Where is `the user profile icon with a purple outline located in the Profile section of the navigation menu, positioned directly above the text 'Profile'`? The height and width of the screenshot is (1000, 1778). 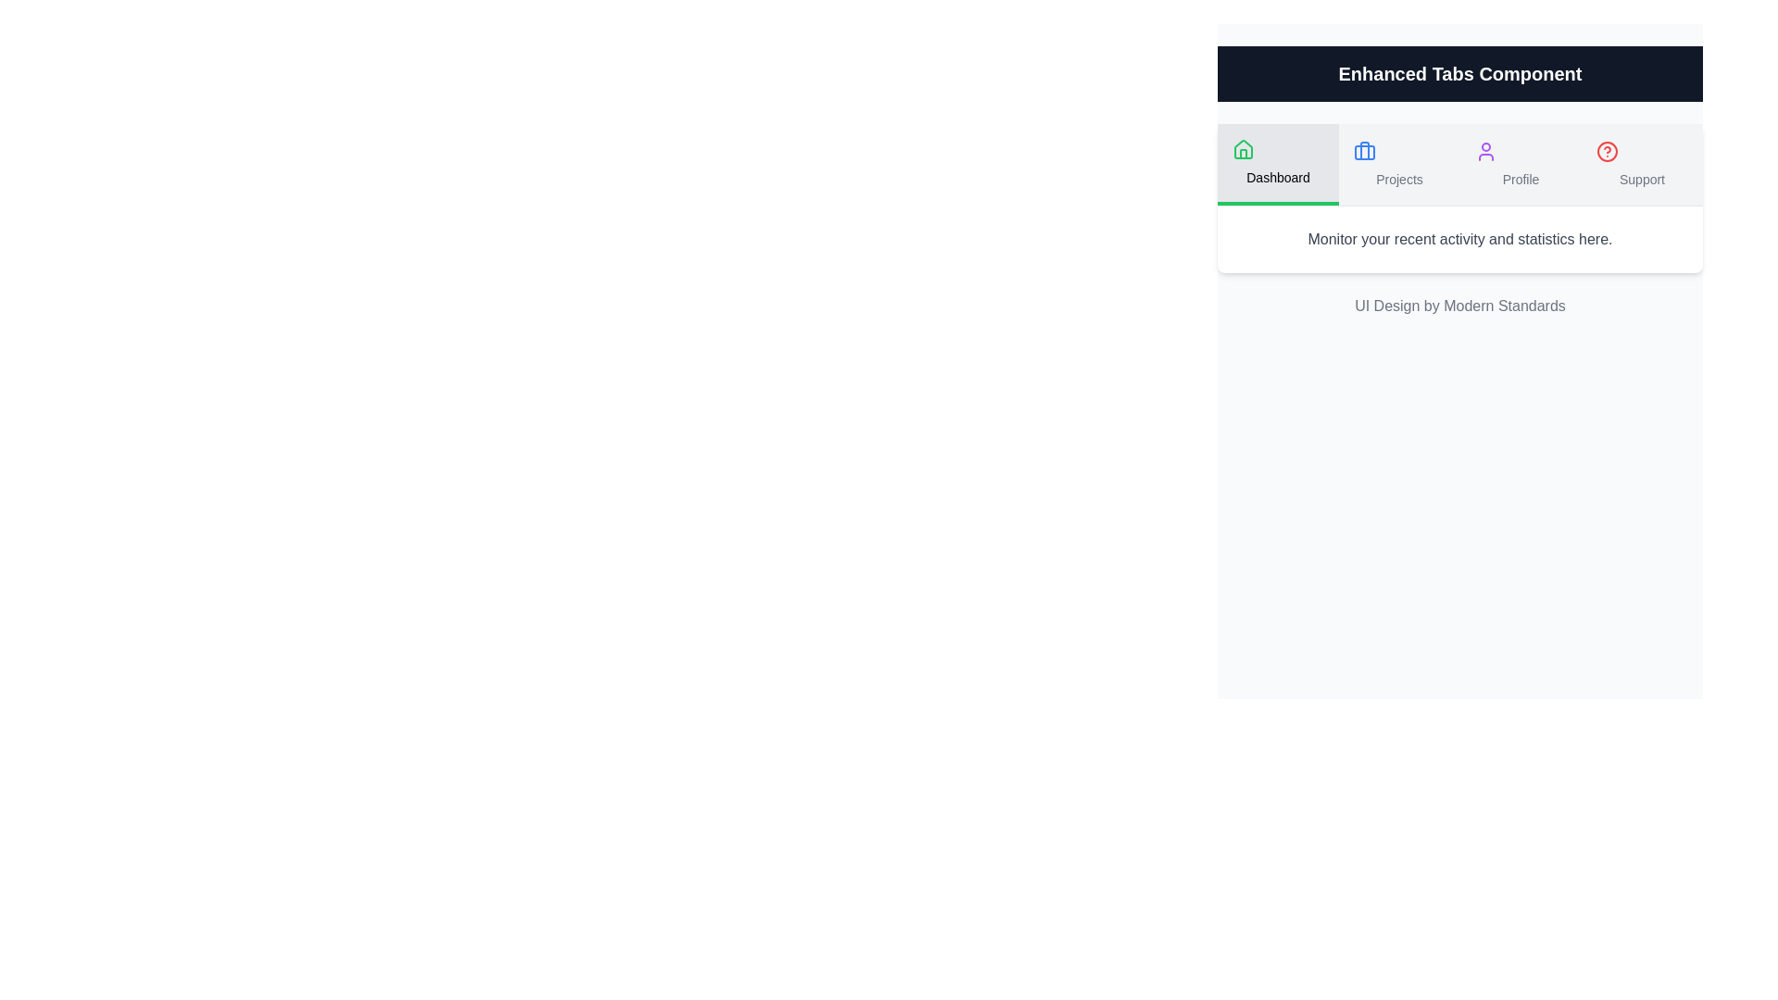 the user profile icon with a purple outline located in the Profile section of the navigation menu, positioned directly above the text 'Profile' is located at coordinates (1485, 151).